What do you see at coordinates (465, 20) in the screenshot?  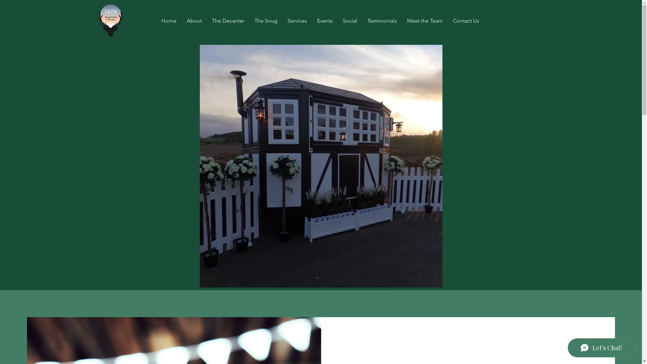 I see `'Contact Us'` at bounding box center [465, 20].